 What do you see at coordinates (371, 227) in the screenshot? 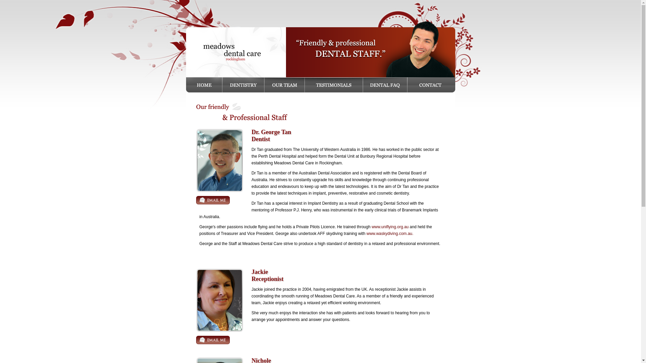
I see `'www.uniflying.org.au'` at bounding box center [371, 227].